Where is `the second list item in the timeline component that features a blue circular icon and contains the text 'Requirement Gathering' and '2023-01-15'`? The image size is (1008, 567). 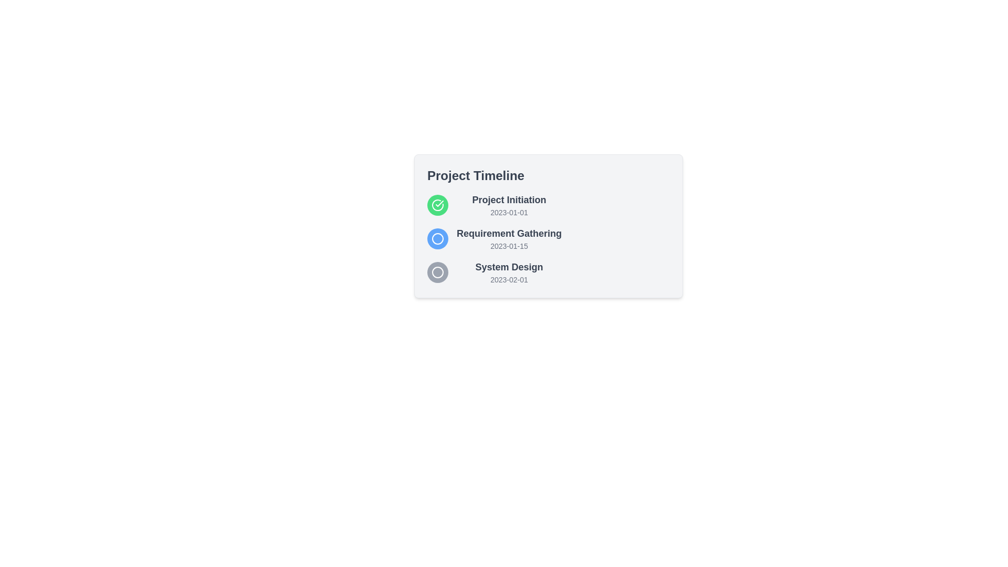 the second list item in the timeline component that features a blue circular icon and contains the text 'Requirement Gathering' and '2023-01-15' is located at coordinates (493, 239).